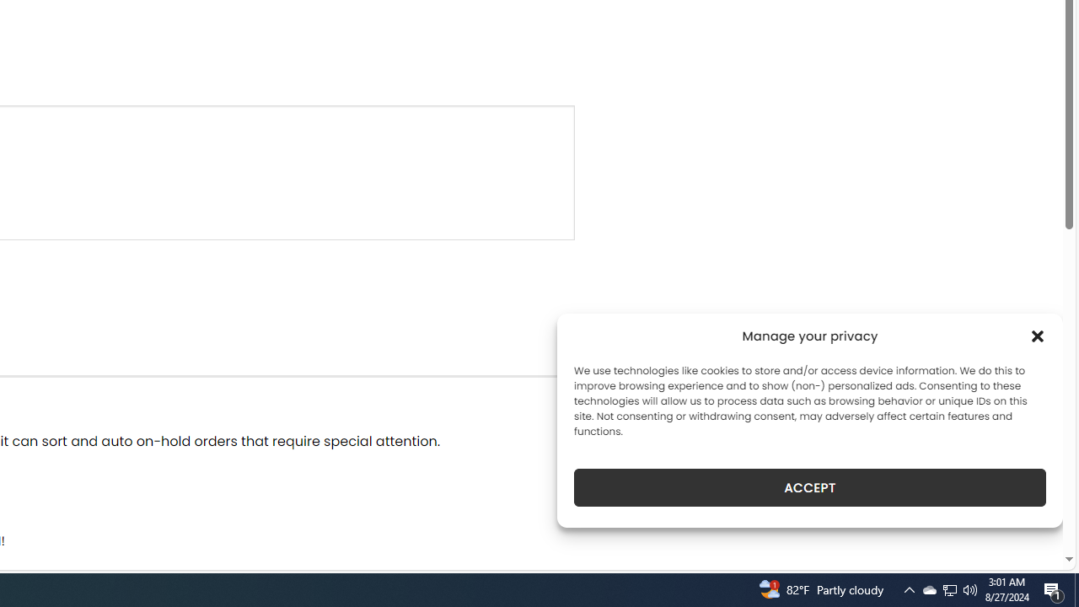 Image resolution: width=1079 pixels, height=607 pixels. What do you see at coordinates (1037, 336) in the screenshot?
I see `'Class: cmplz-close'` at bounding box center [1037, 336].